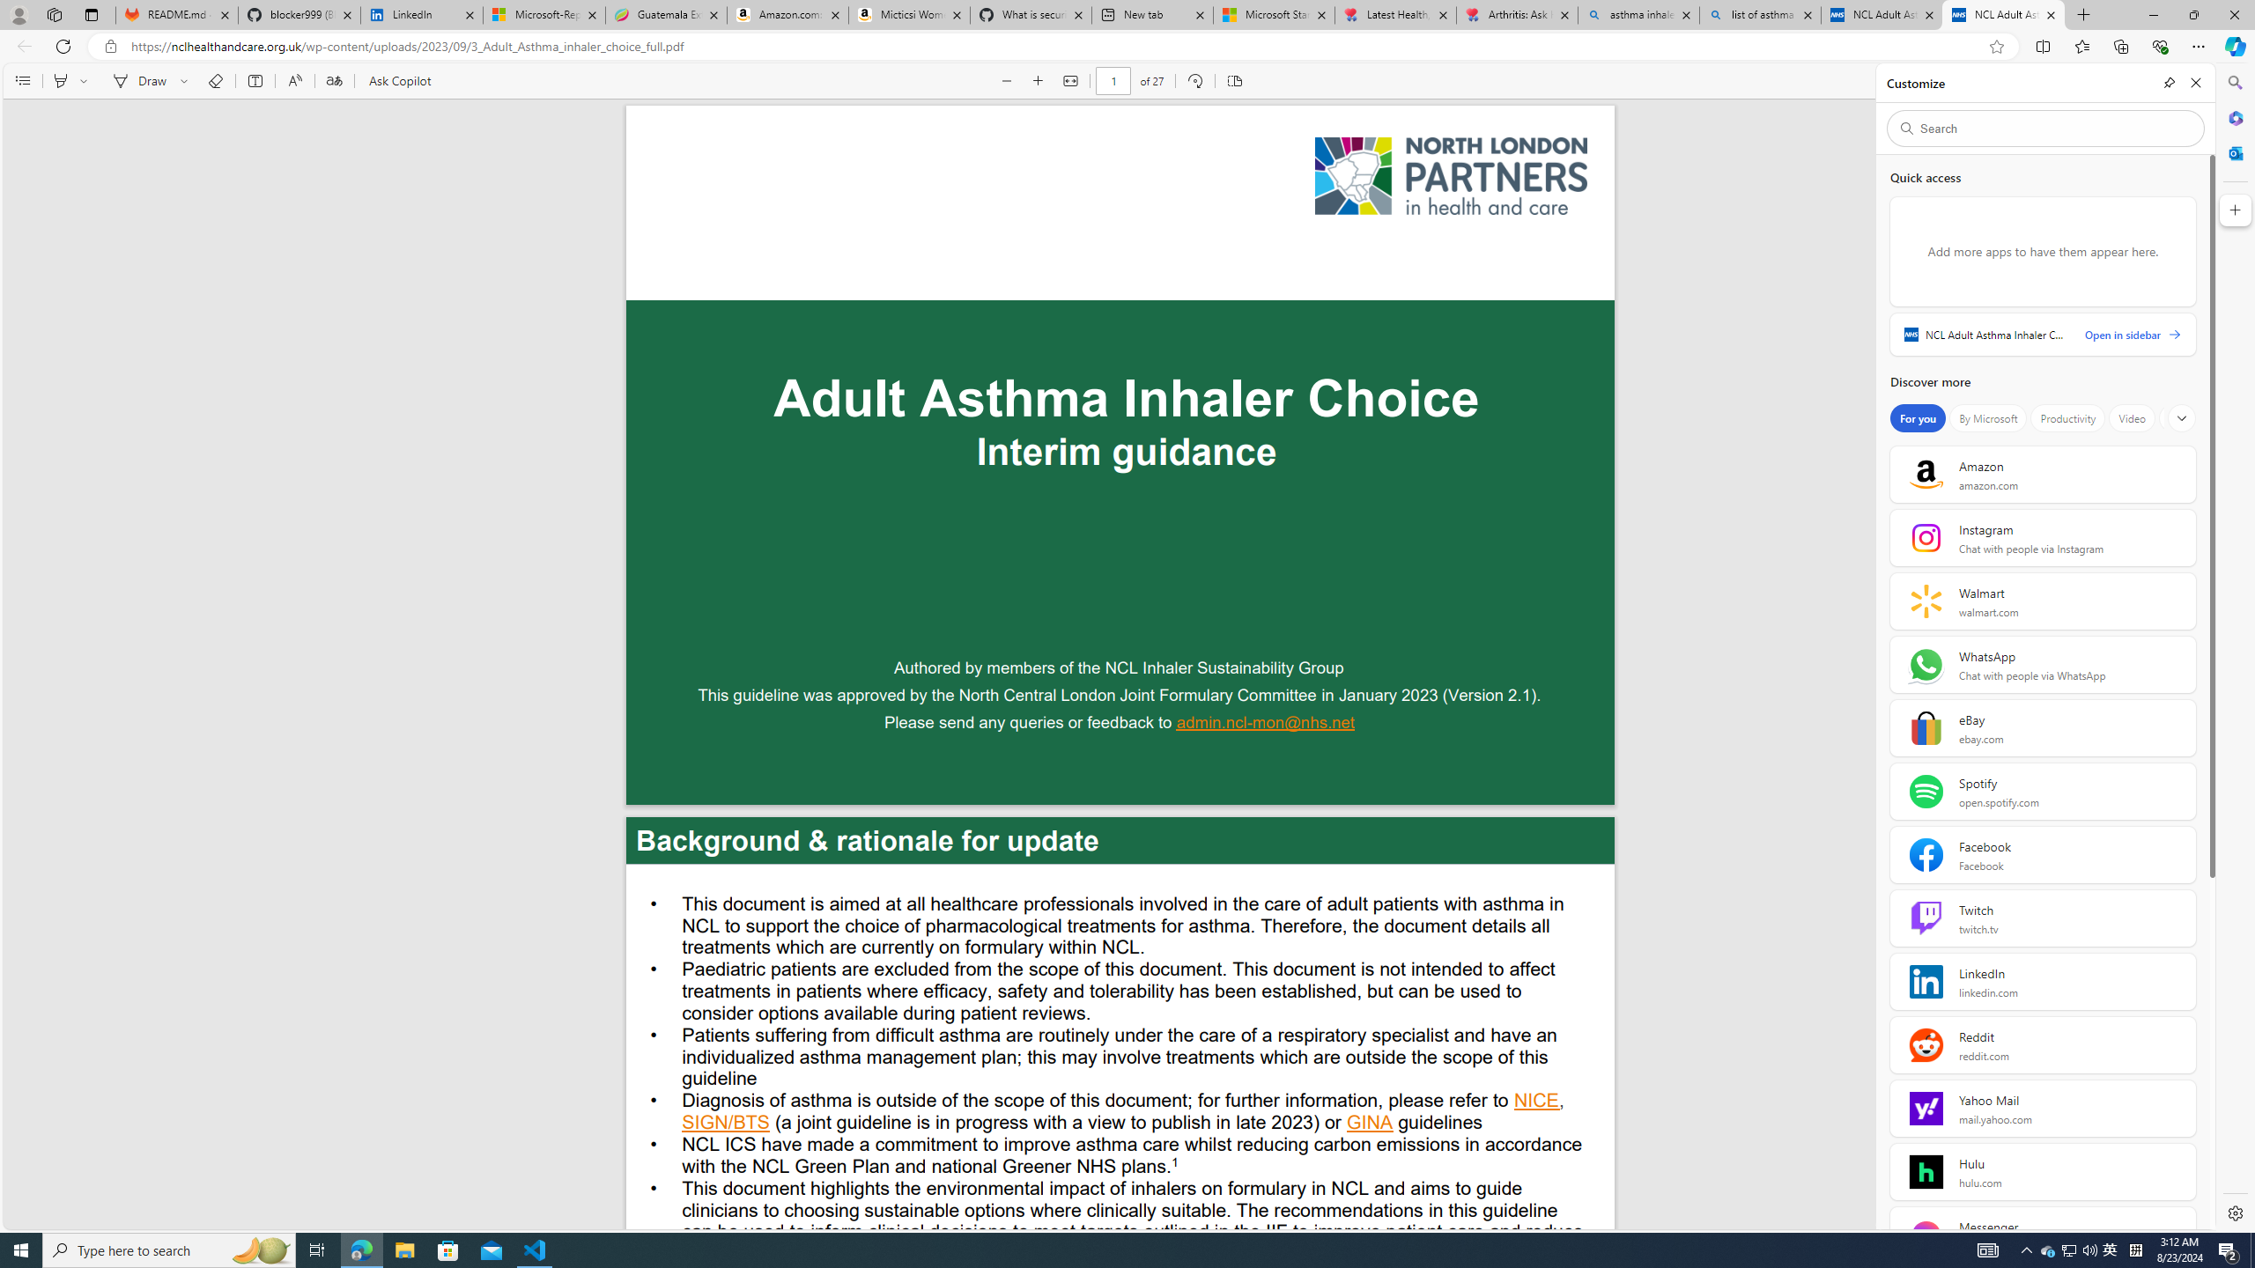 This screenshot has height=1268, width=2255. What do you see at coordinates (215, 80) in the screenshot?
I see `'Erase'` at bounding box center [215, 80].